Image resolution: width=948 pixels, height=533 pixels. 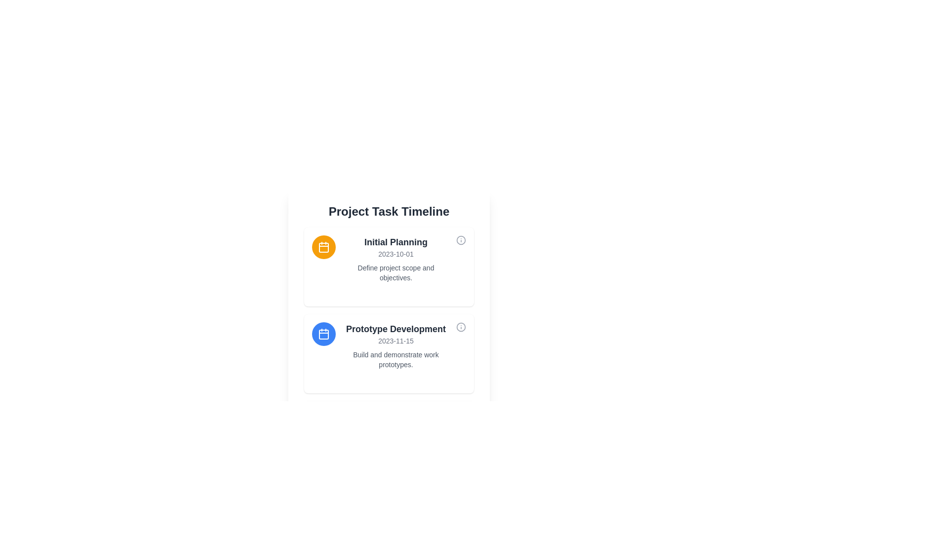 I want to click on the Text Label element titled 'Initial Planning', which is styled in bold dark gray and positioned at the top center of its task card, so click(x=395, y=242).